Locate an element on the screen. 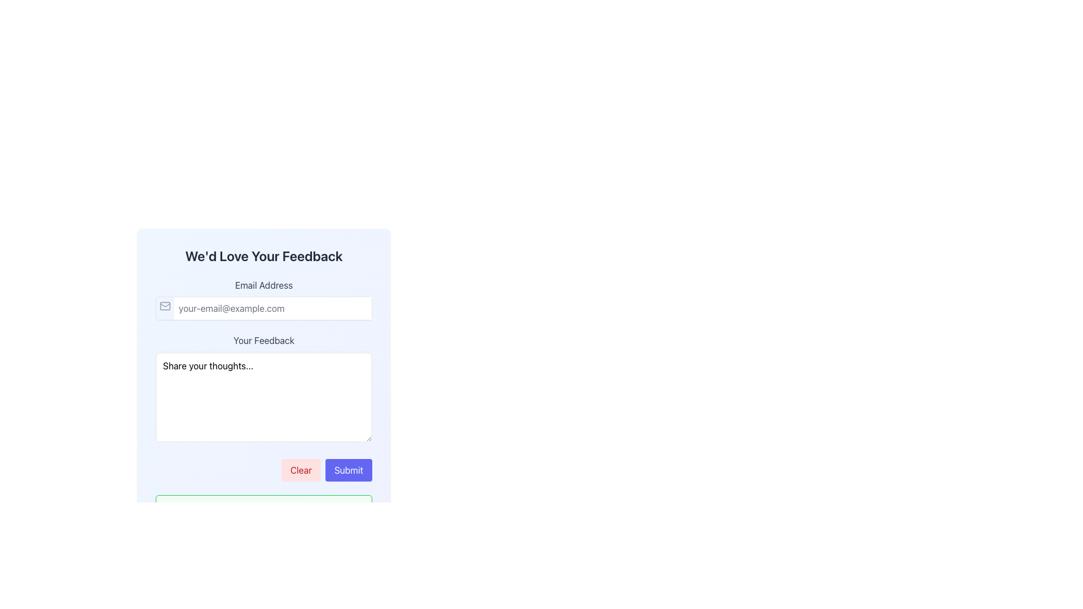 The image size is (1083, 609). the 'Submit' button located at the bottom-right corner of the form interface to change its background color is located at coordinates (348, 470).